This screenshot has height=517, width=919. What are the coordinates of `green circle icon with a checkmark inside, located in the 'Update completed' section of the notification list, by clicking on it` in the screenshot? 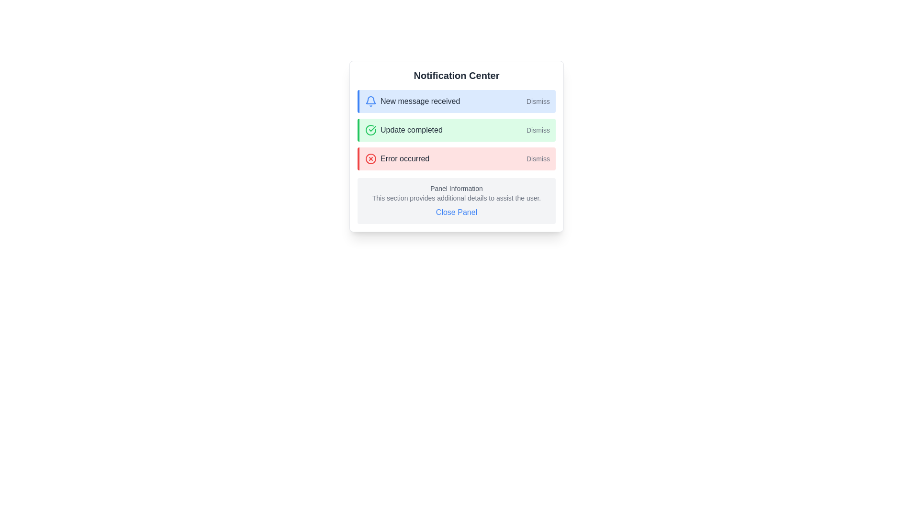 It's located at (370, 130).